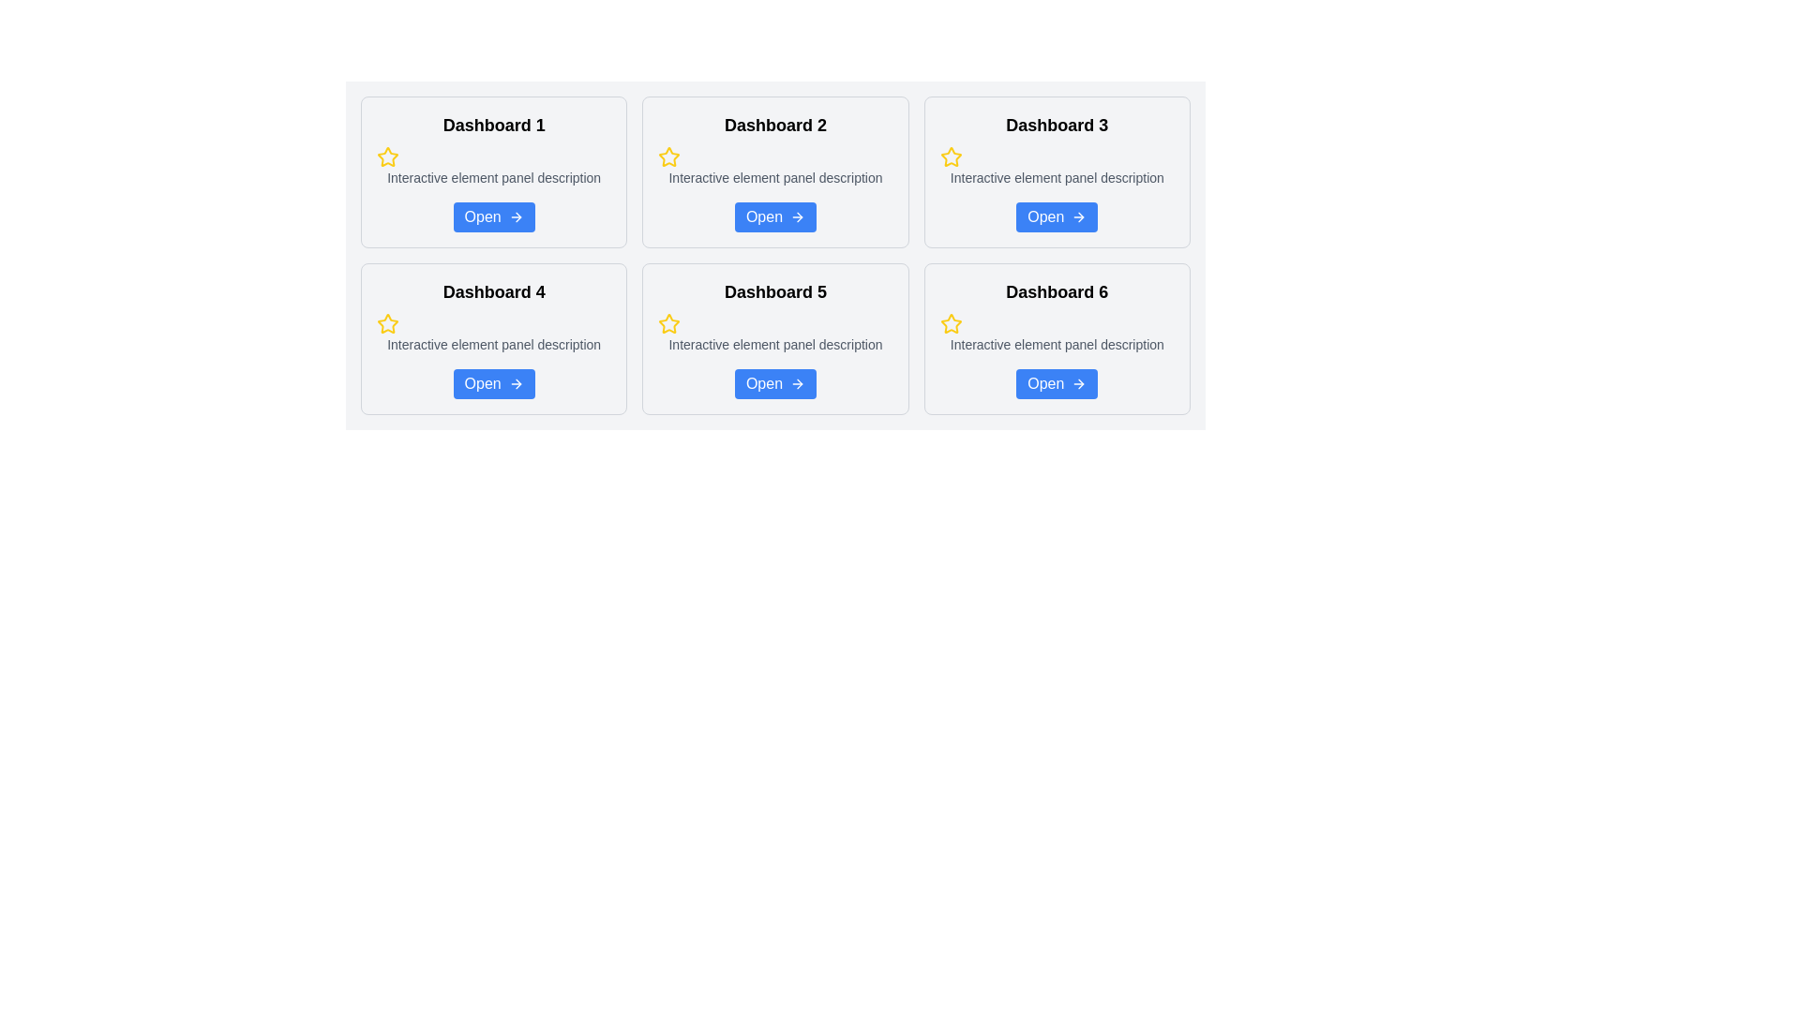  I want to click on the right-pointing arrow icon within the 'Open' button located in the fifth panel of the second row in a 2x3 grid layout, so click(800, 382).